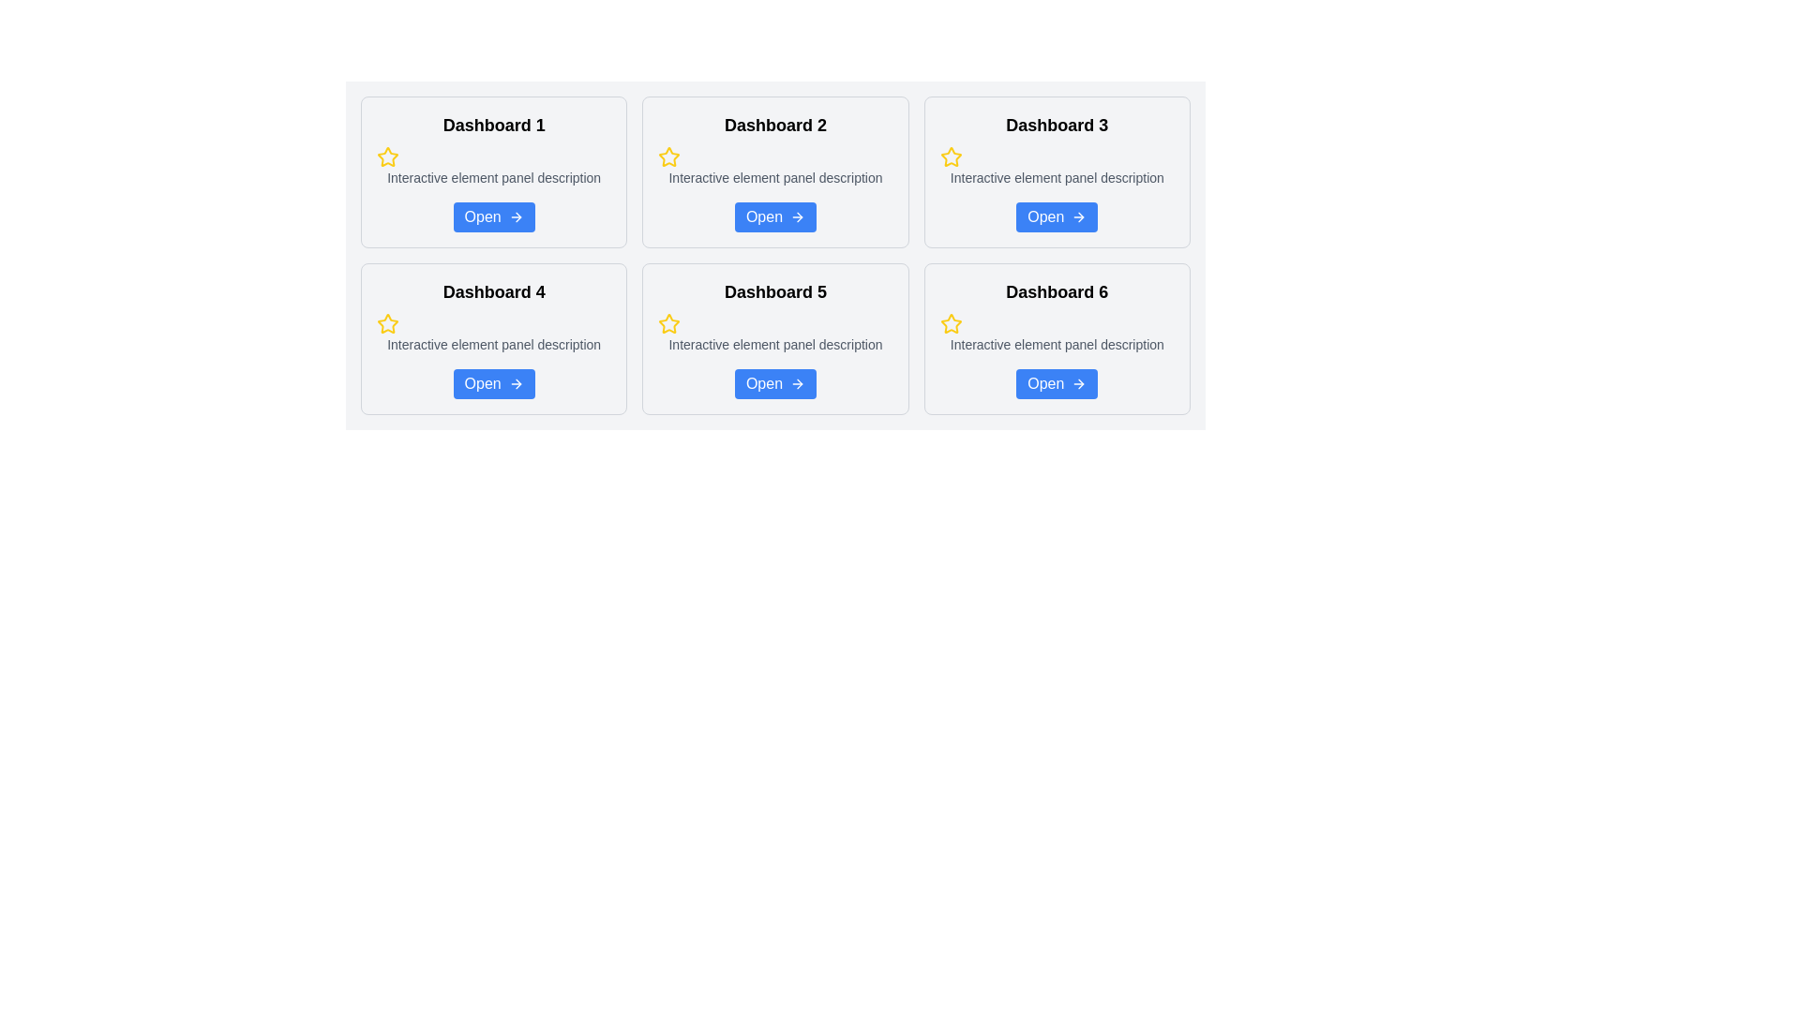  I want to click on the right-pointing arrow icon within the 'Open' button located in the fifth panel of the second row in a 2x3 grid layout, so click(800, 382).